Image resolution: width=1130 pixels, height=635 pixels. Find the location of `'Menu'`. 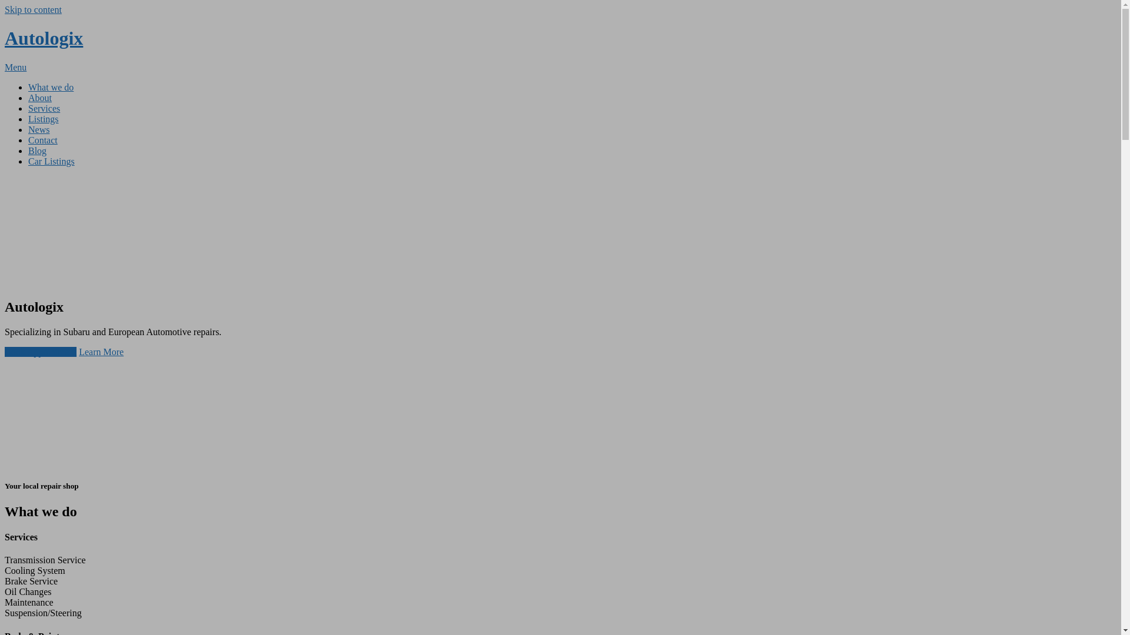

'Menu' is located at coordinates (15, 67).